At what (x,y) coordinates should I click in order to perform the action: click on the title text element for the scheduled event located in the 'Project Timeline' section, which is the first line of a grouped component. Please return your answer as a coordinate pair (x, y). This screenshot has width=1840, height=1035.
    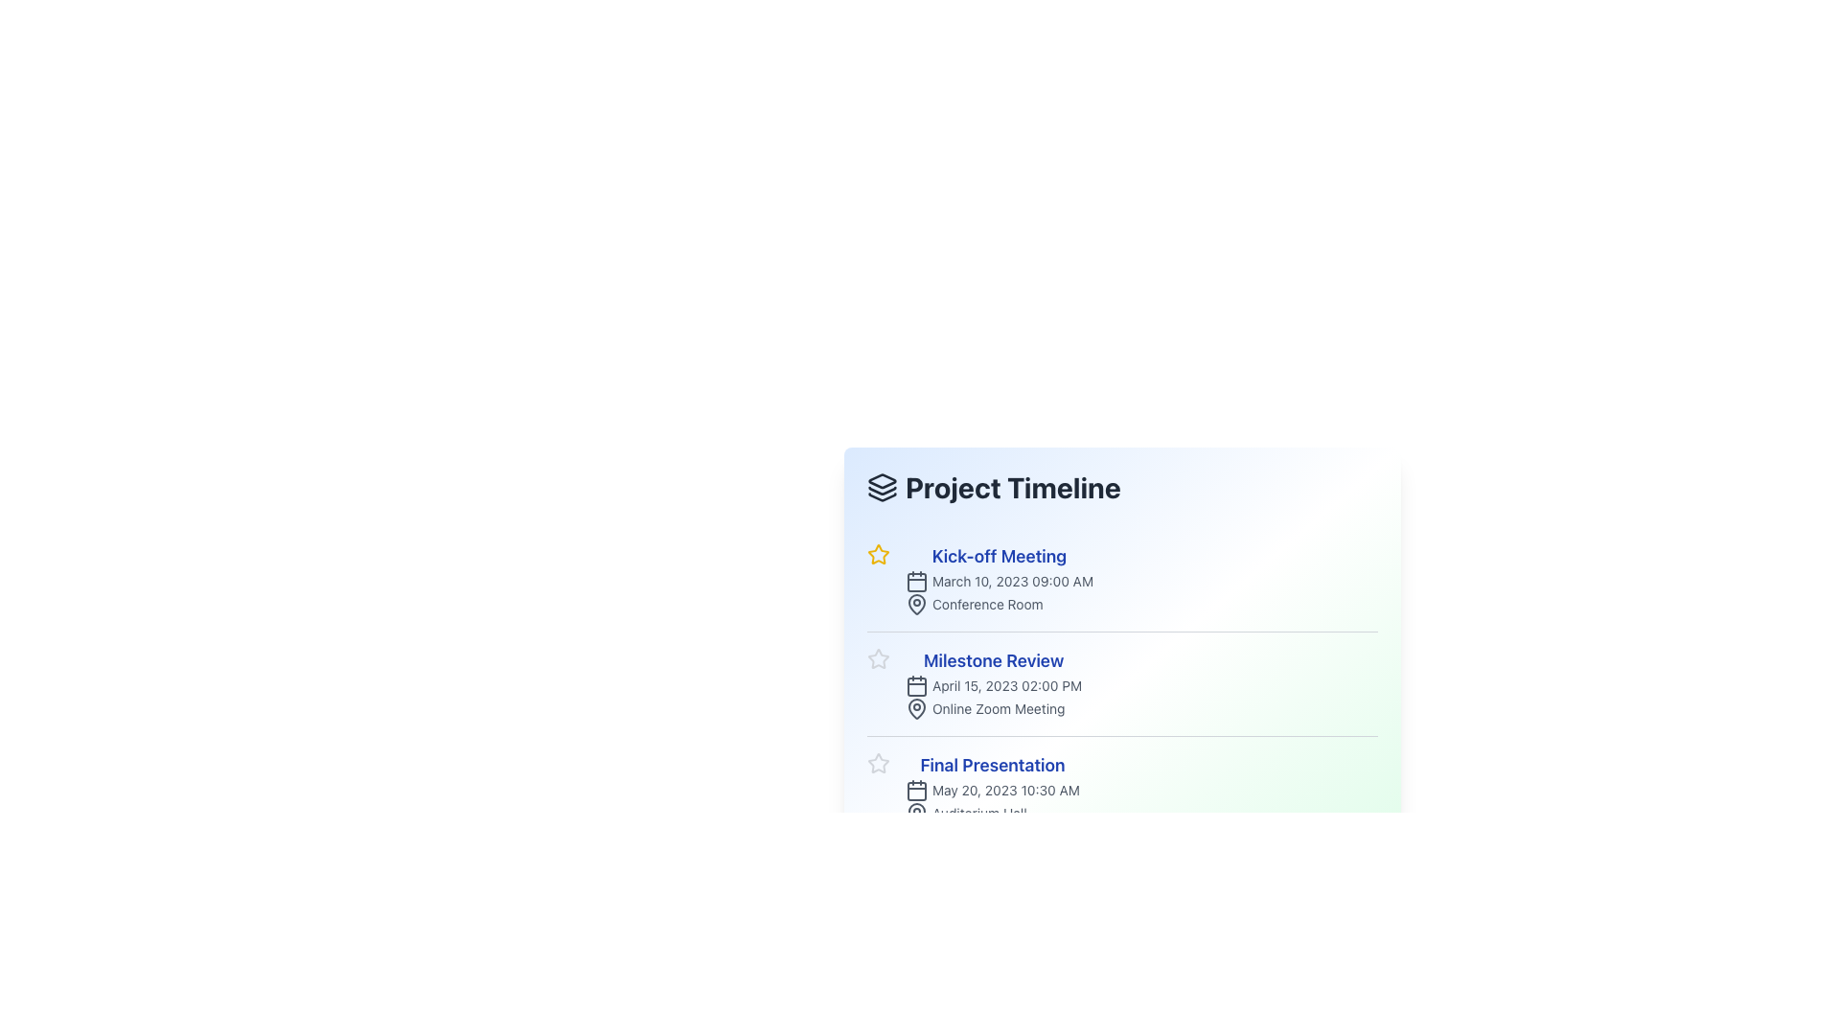
    Looking at the image, I should click on (998, 557).